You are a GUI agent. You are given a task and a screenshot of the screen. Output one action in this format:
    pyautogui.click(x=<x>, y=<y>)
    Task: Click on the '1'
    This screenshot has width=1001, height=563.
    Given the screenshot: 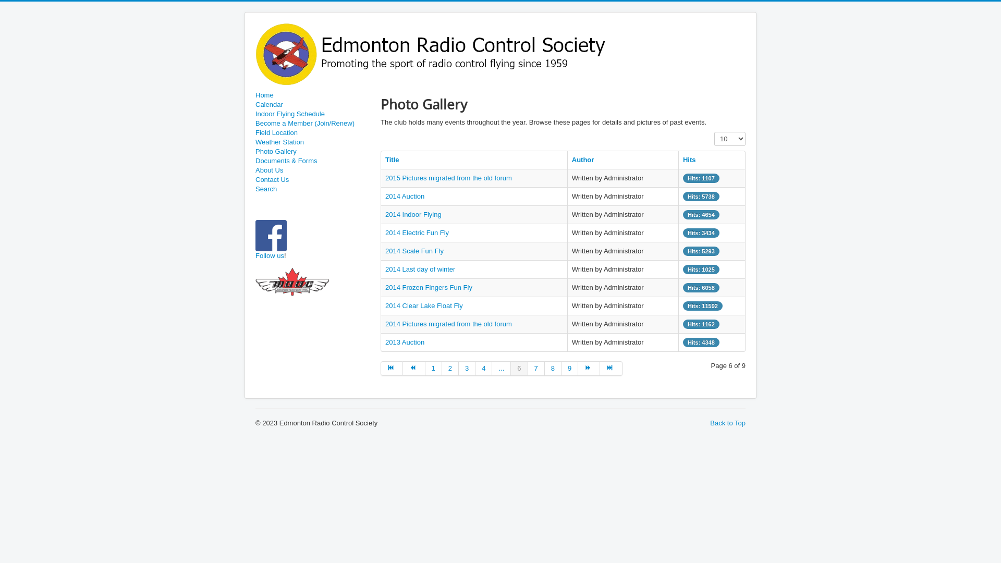 What is the action you would take?
    pyautogui.click(x=433, y=368)
    